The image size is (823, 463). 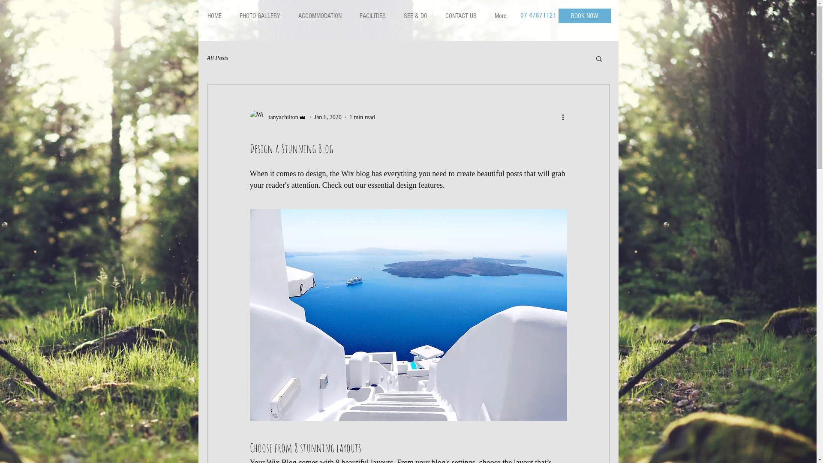 What do you see at coordinates (214, 16) in the screenshot?
I see `'HOME'` at bounding box center [214, 16].